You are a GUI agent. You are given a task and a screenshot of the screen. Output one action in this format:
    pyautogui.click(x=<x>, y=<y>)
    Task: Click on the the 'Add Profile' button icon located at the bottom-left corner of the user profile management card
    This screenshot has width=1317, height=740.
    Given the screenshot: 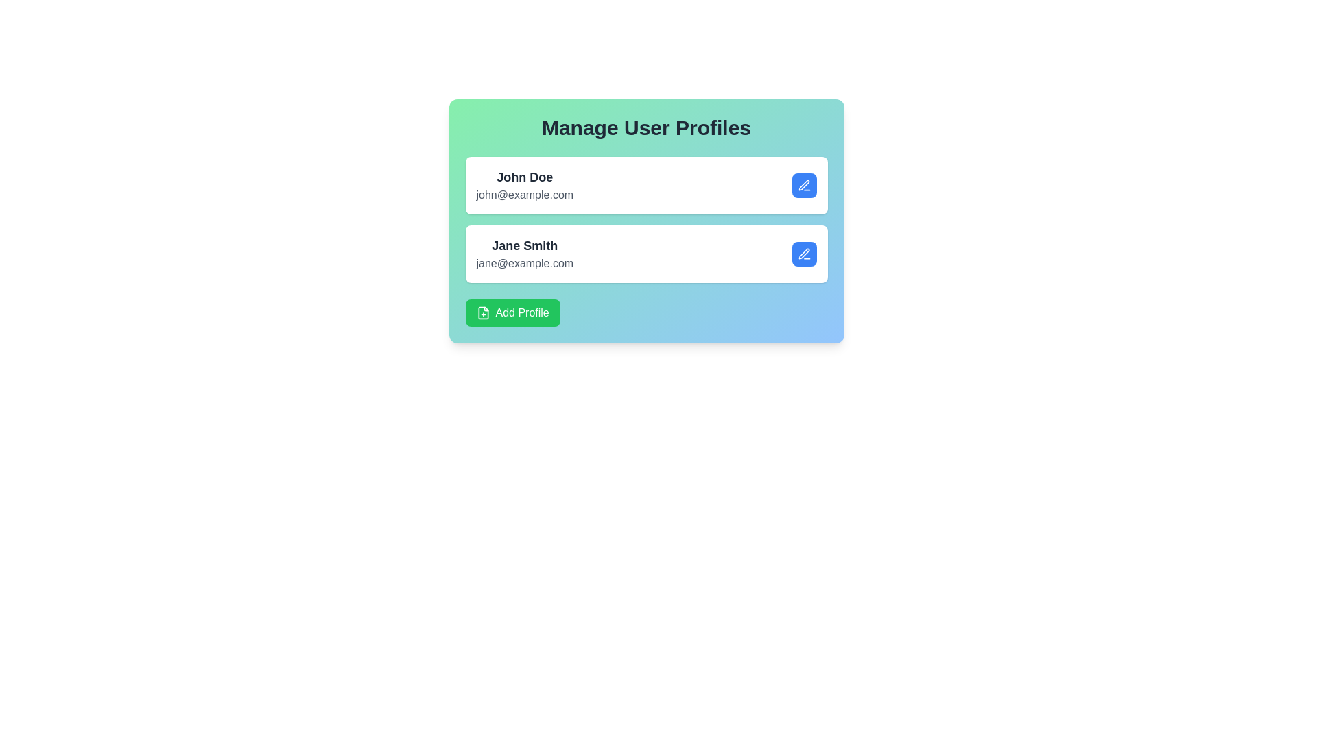 What is the action you would take?
    pyautogui.click(x=483, y=312)
    